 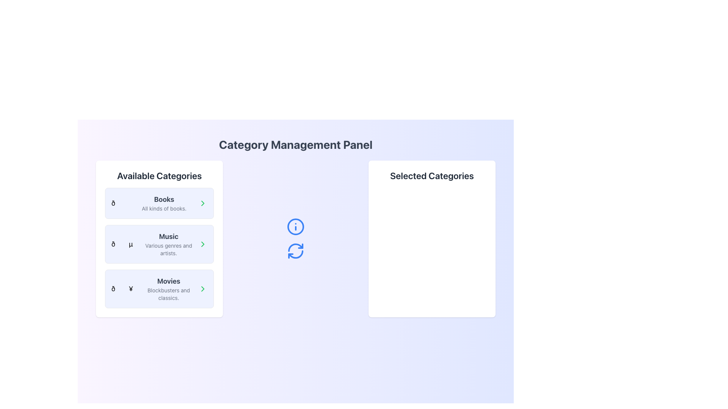 What do you see at coordinates (168, 289) in the screenshot?
I see `description of the Text block labeled 'Movies', which includes the heading in bold and the description in a lighter gray font` at bounding box center [168, 289].